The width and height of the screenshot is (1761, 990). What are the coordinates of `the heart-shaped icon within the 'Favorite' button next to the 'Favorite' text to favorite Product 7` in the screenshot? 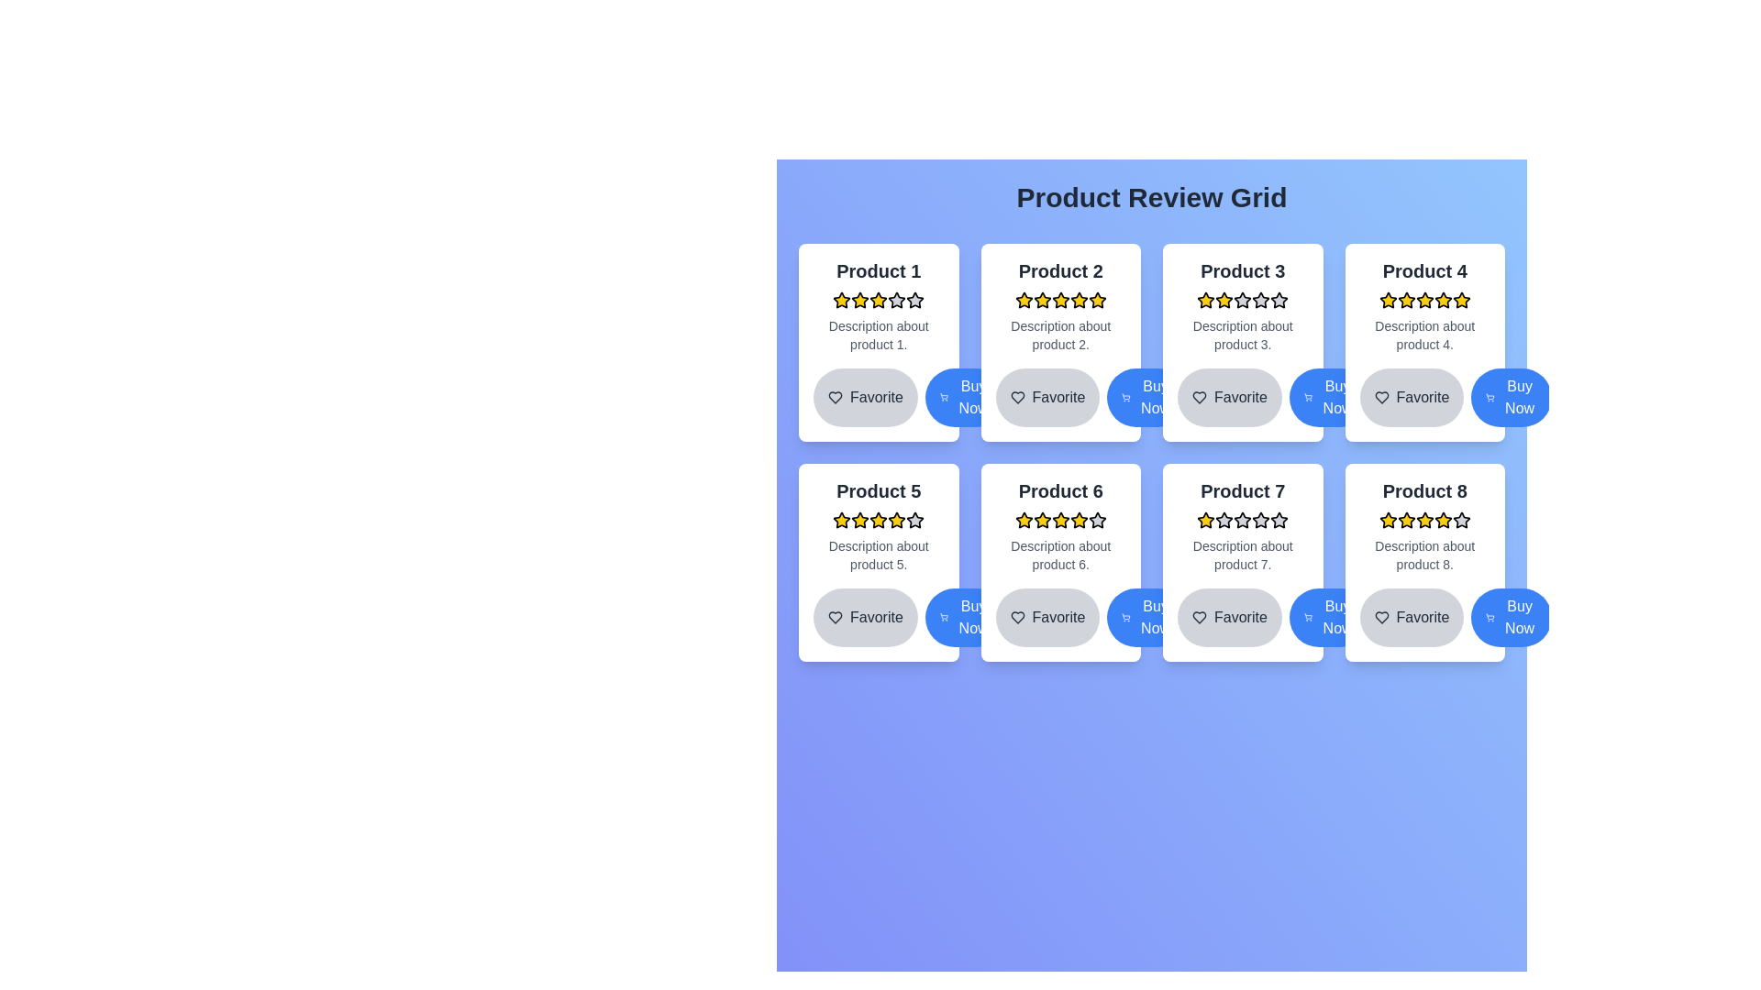 It's located at (1200, 618).